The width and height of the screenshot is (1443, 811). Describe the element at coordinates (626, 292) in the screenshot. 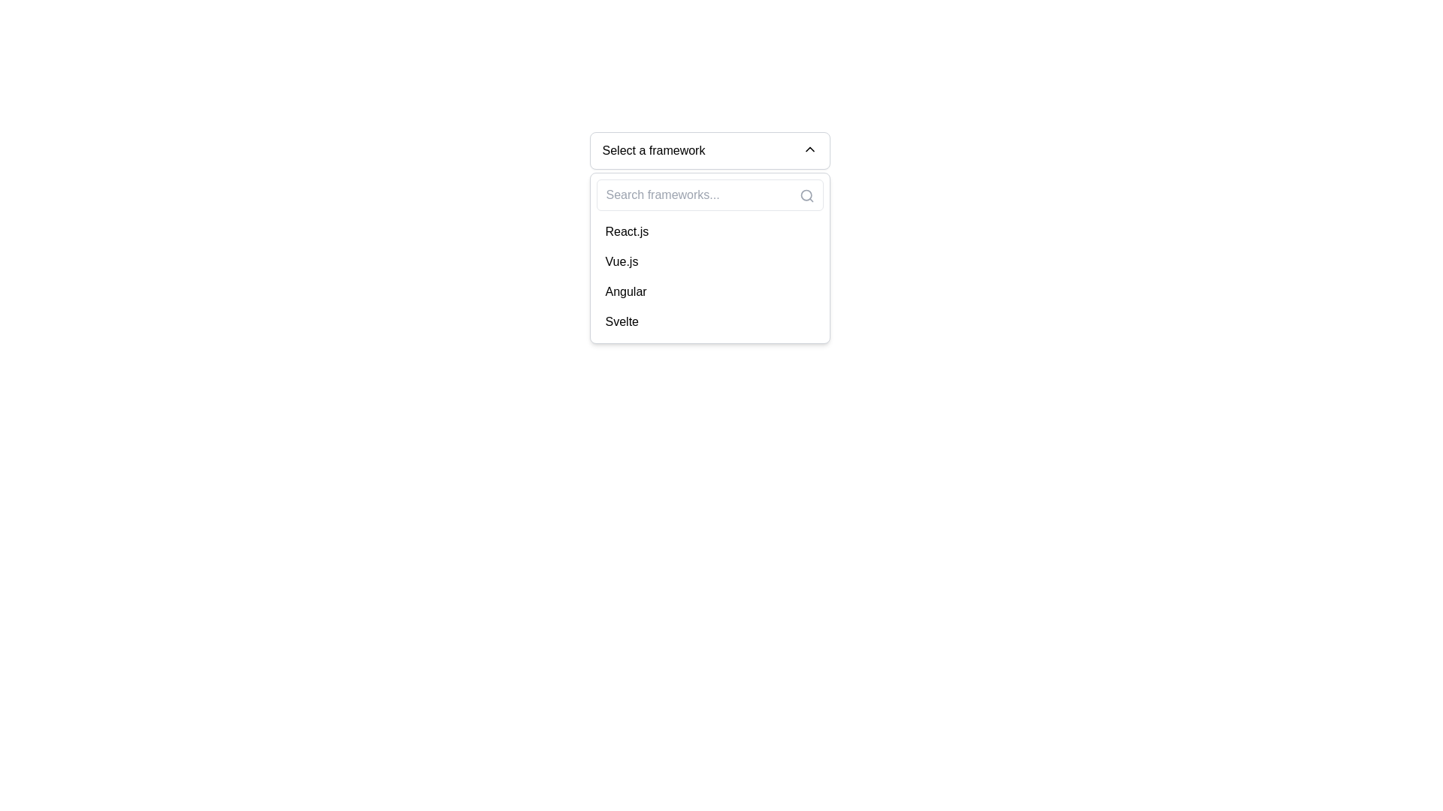

I see `the 'Angular' option in the dropdown list of frameworks` at that location.